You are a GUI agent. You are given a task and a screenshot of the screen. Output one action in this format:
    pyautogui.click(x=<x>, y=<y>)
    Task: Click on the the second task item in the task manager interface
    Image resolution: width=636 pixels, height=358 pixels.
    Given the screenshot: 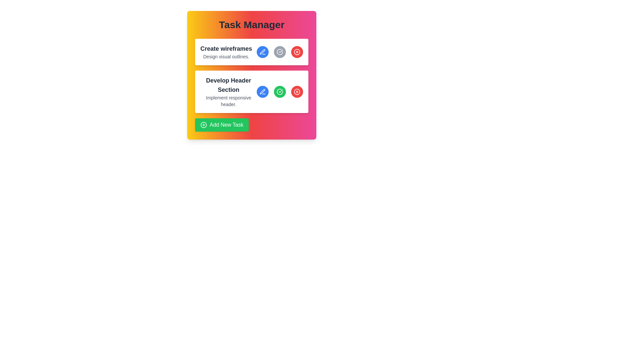 What is the action you would take?
    pyautogui.click(x=229, y=92)
    